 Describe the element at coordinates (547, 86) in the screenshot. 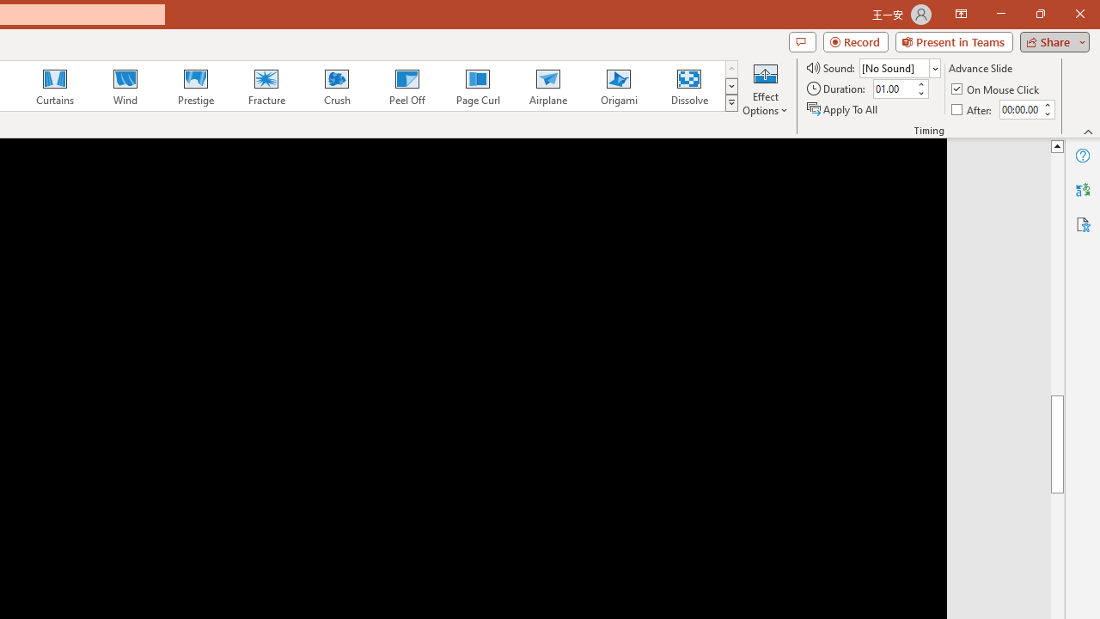

I see `'Airplane'` at that location.